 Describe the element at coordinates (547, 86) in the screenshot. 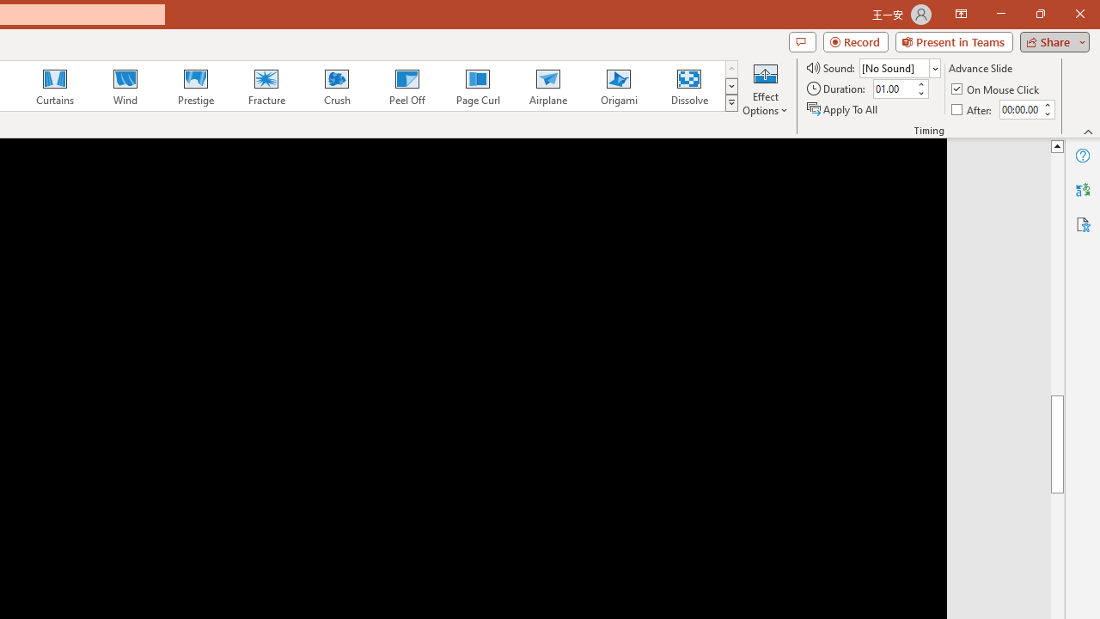

I see `'Airplane'` at that location.